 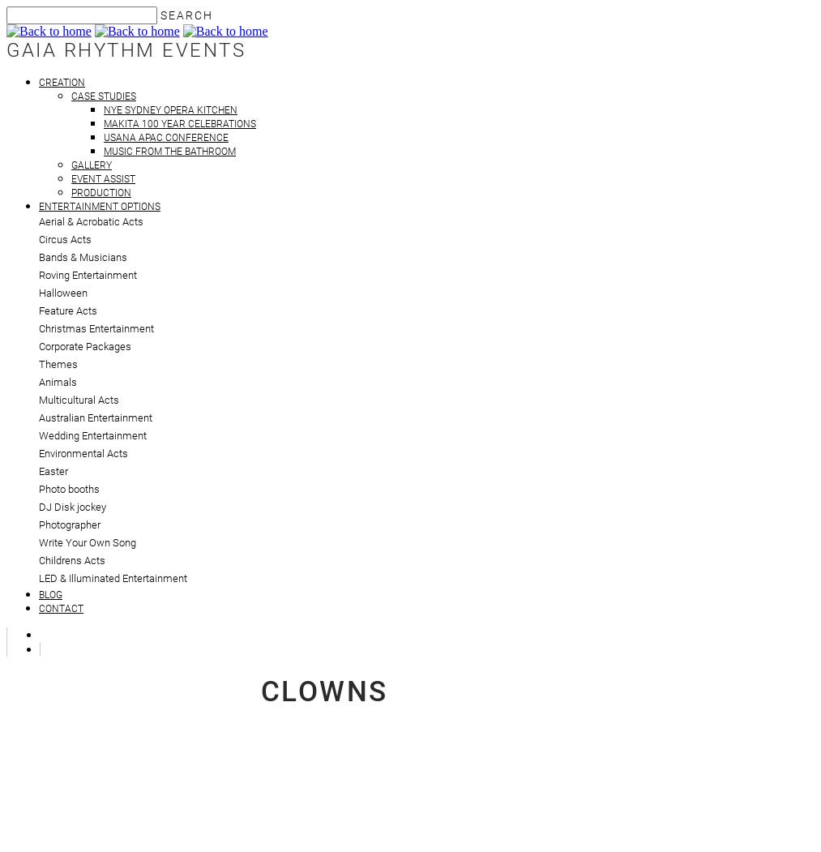 What do you see at coordinates (169, 151) in the screenshot?
I see `'Music from the Bathroom'` at bounding box center [169, 151].